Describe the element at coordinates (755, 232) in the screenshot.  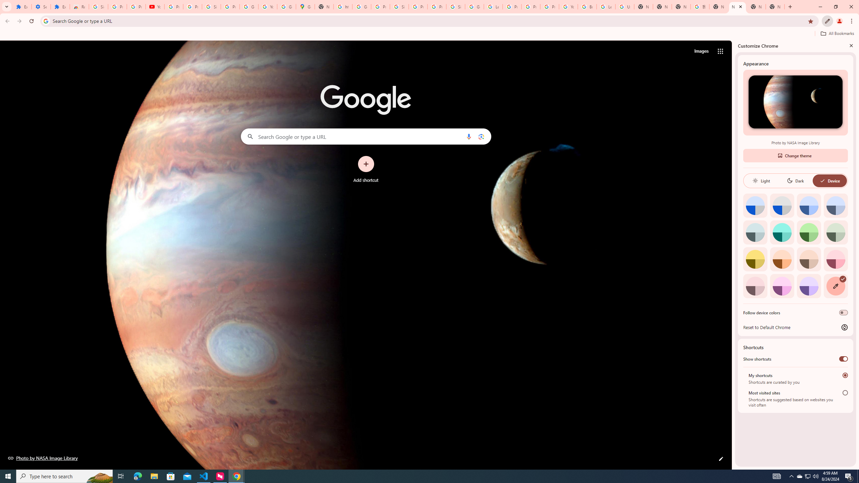
I see `'Grey'` at that location.